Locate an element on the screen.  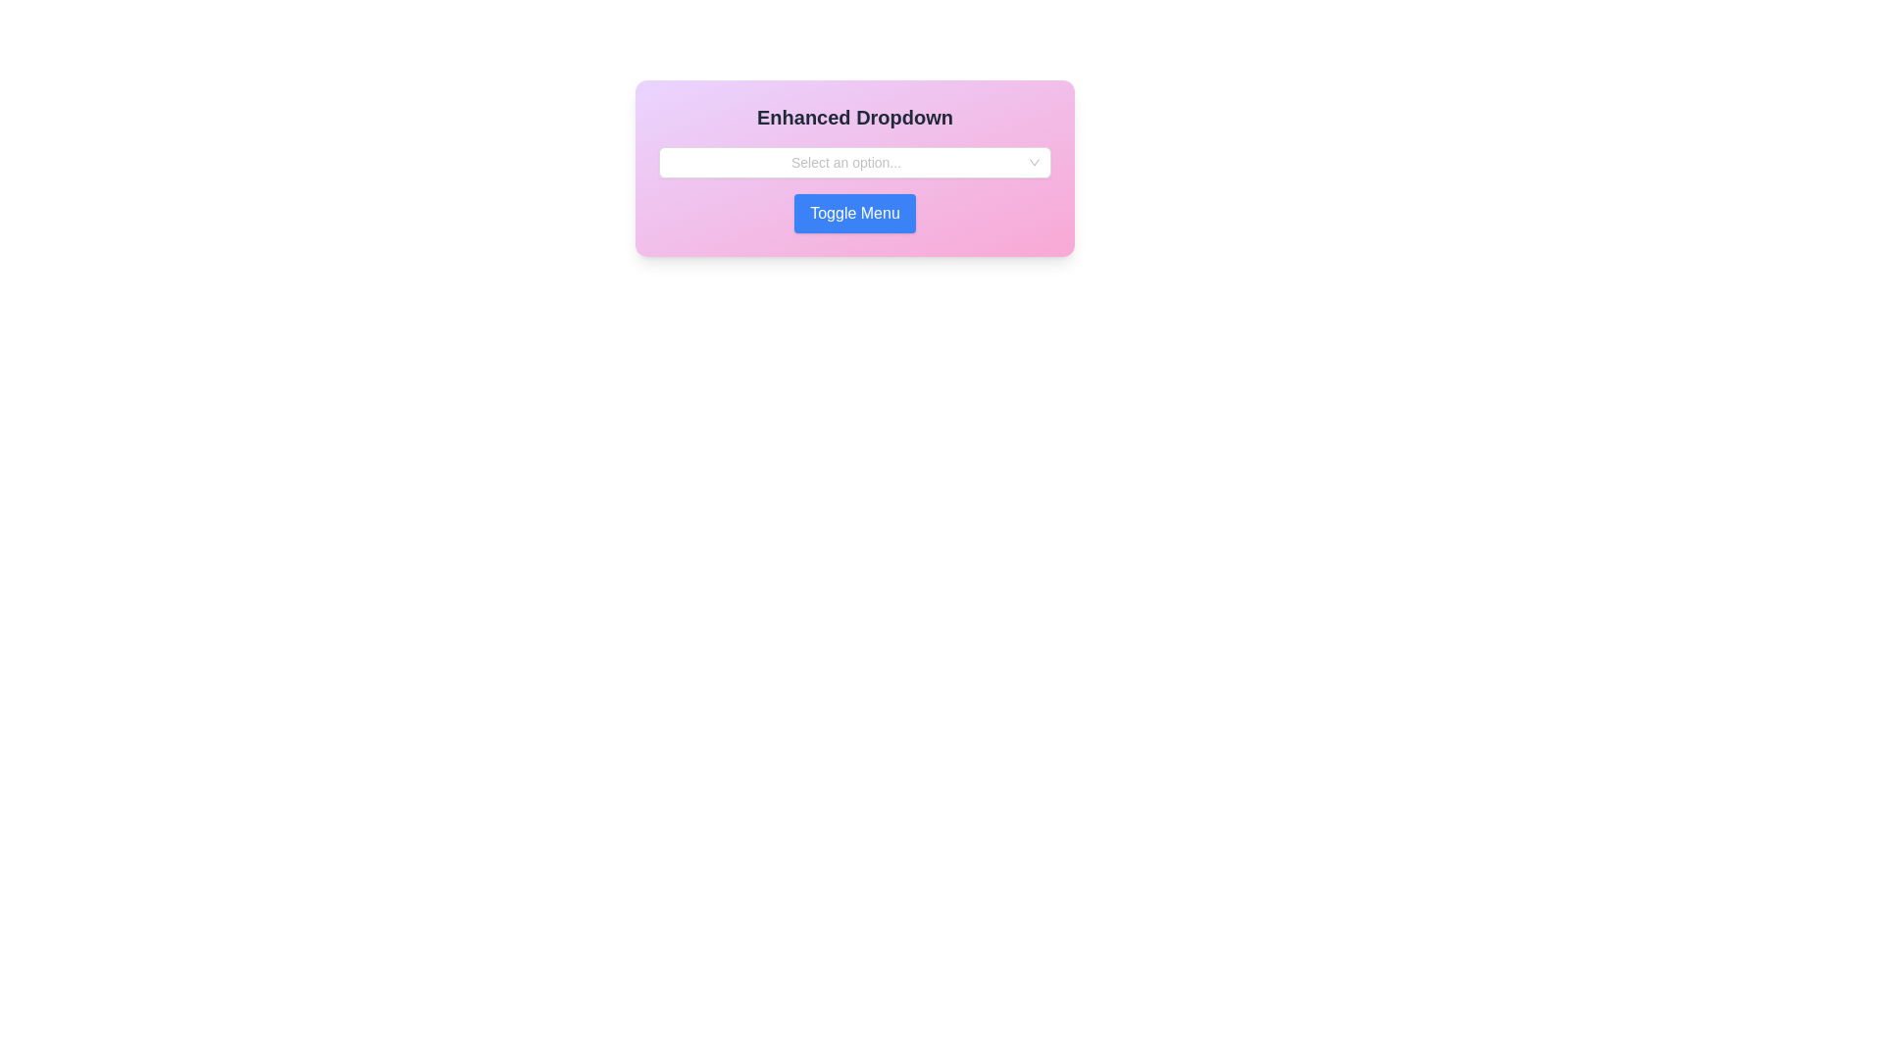
the rectangular button with a blue background and white text labeled 'Toggle Menu' to observe the style change is located at coordinates (855, 214).